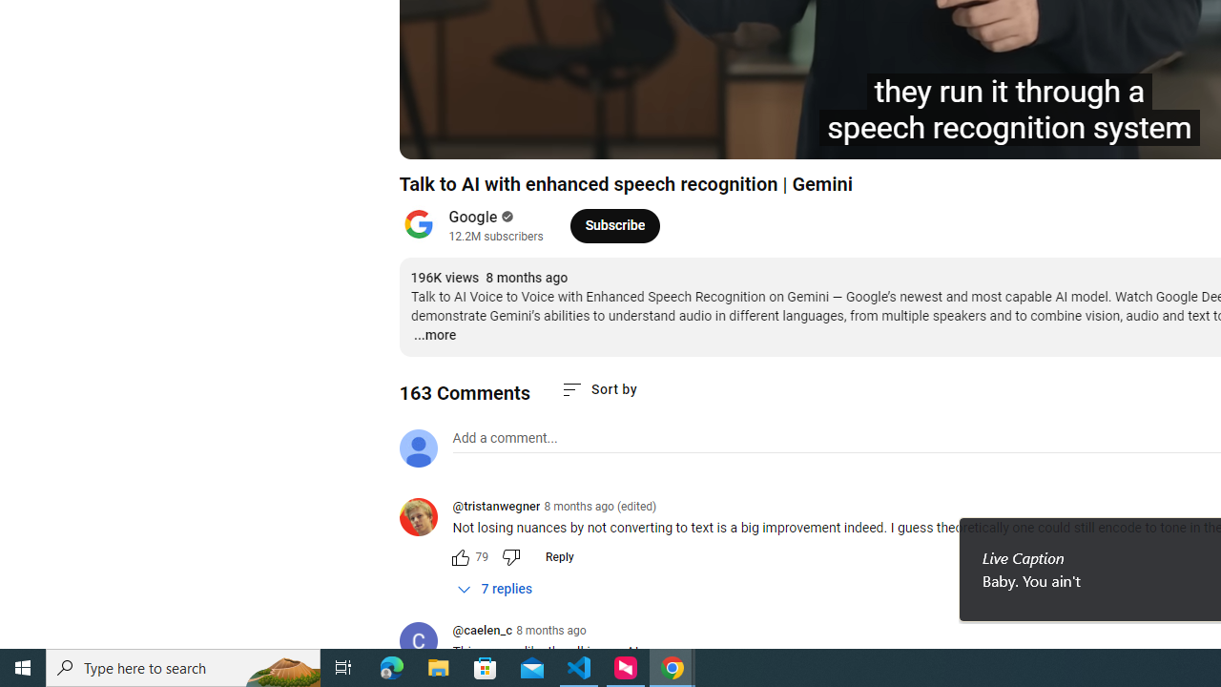 This screenshot has height=687, width=1221. What do you see at coordinates (496, 507) in the screenshot?
I see `'@tristanwegner'` at bounding box center [496, 507].